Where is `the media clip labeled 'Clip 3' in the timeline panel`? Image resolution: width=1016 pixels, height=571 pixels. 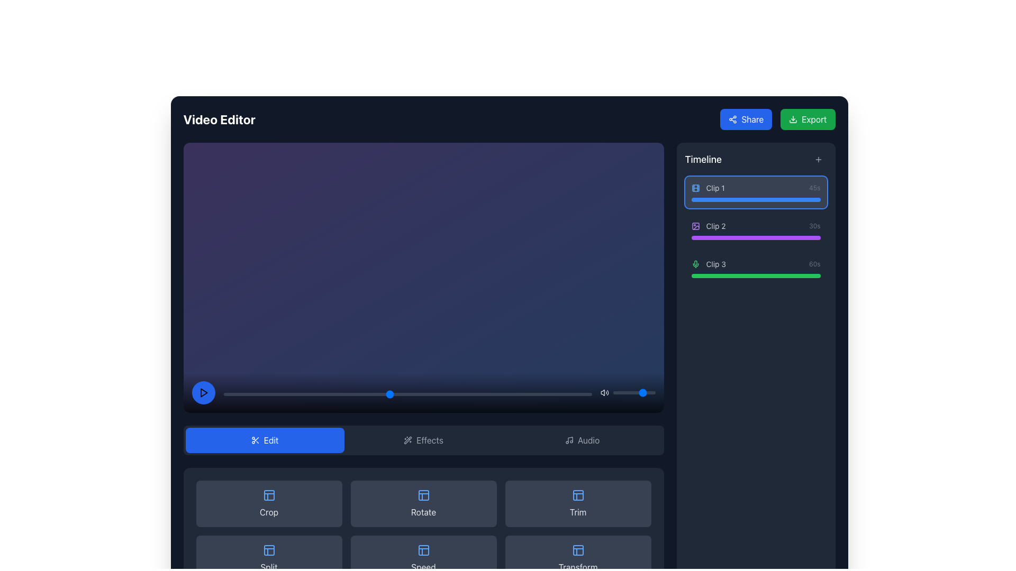
the media clip labeled 'Clip 3' in the timeline panel is located at coordinates (755, 264).